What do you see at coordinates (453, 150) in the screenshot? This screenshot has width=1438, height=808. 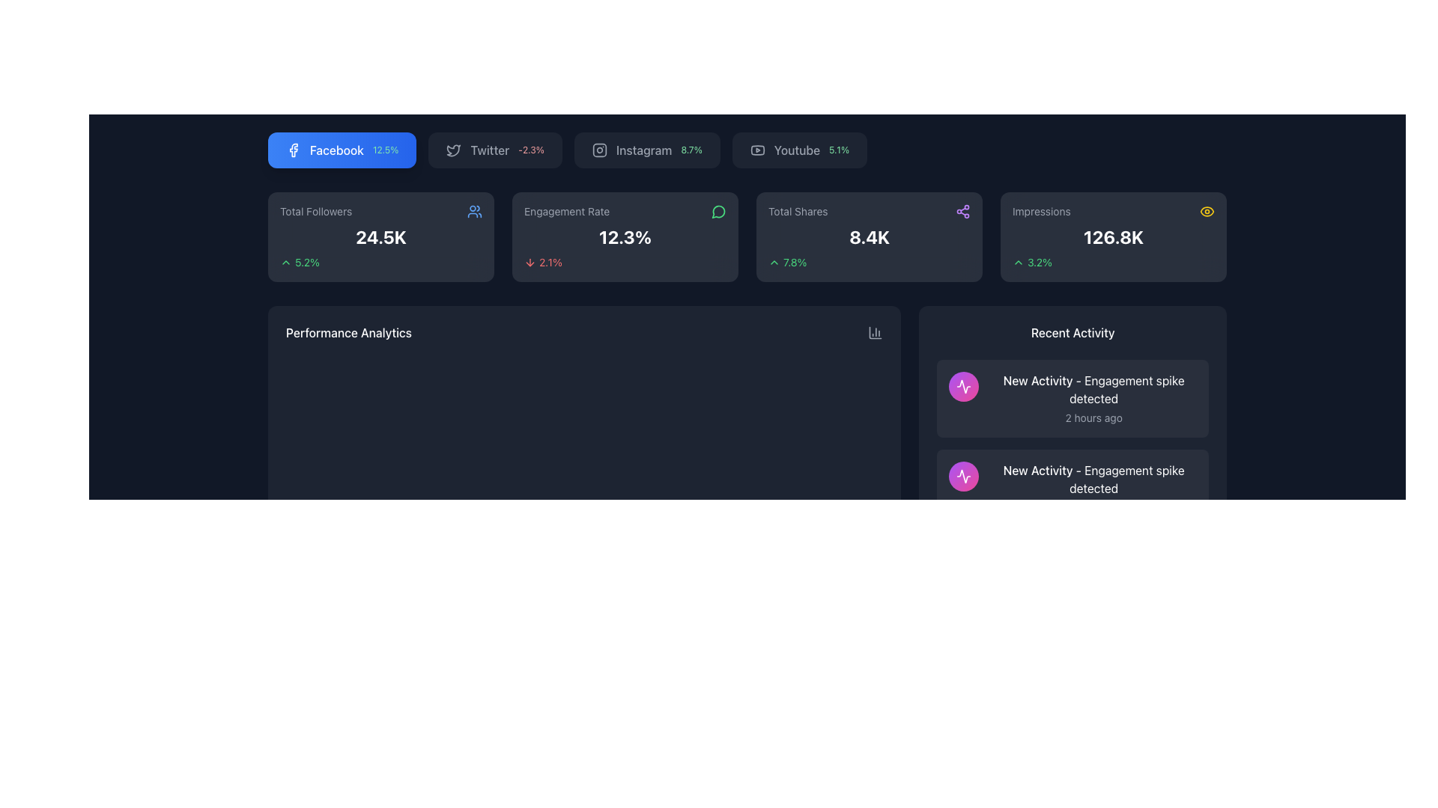 I see `the Twitter icon, which is the leftmost icon within the 'Twitter -2.3%' button in the top bar of the interface, positioned between the 'Facebook 12.5%' button and the 'Instagram 8.7%' button` at bounding box center [453, 150].